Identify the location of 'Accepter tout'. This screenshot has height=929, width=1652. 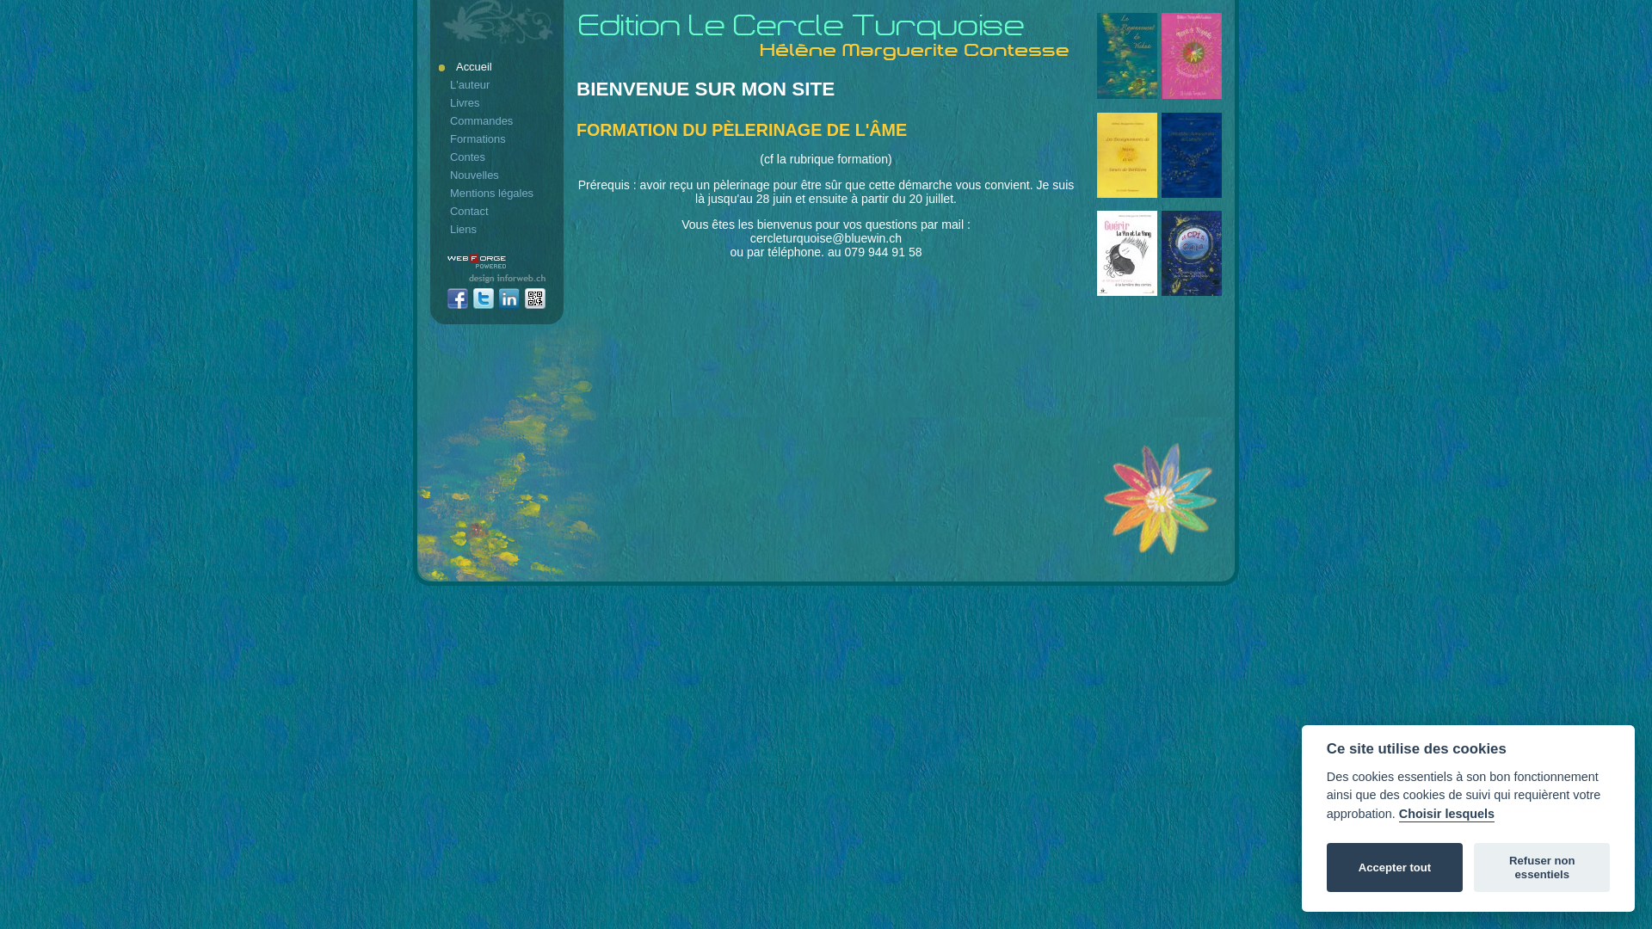
(1395, 868).